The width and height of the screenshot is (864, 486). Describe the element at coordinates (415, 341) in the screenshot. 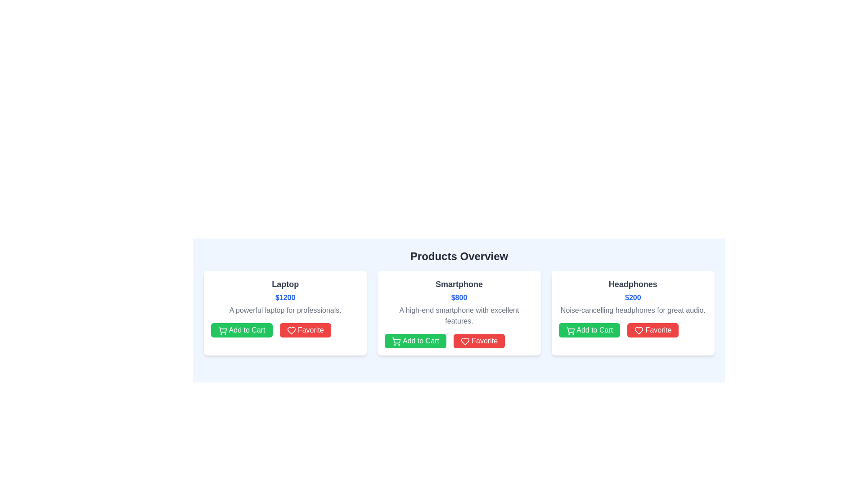

I see `the leftmost button in the action button group under the 'Smartphone' product card in the 'Products Overview' section` at that location.